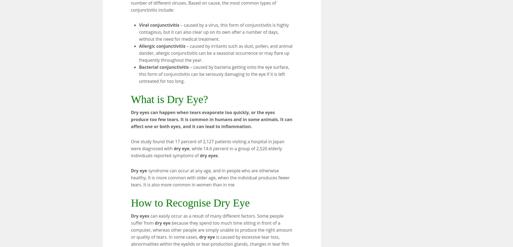 The height and width of the screenshot is (247, 513). I want to click on 'Viral conjunctivitis', so click(159, 24).